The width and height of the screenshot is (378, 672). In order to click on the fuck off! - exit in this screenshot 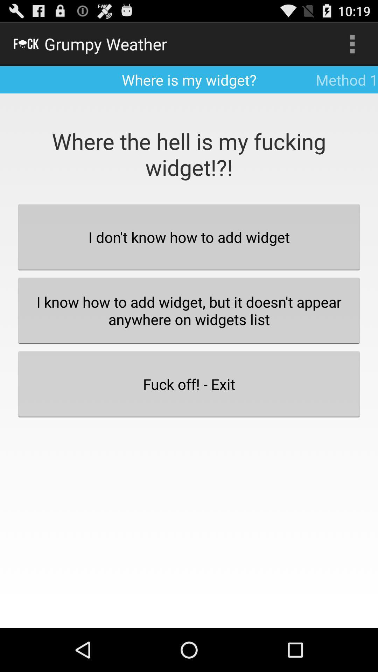, I will do `click(189, 384)`.